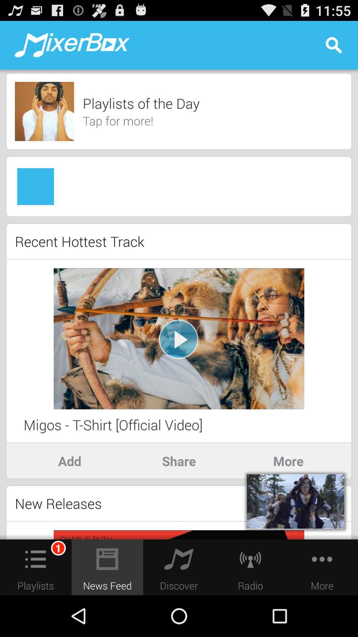  I want to click on the item above the tap for more! item, so click(141, 103).